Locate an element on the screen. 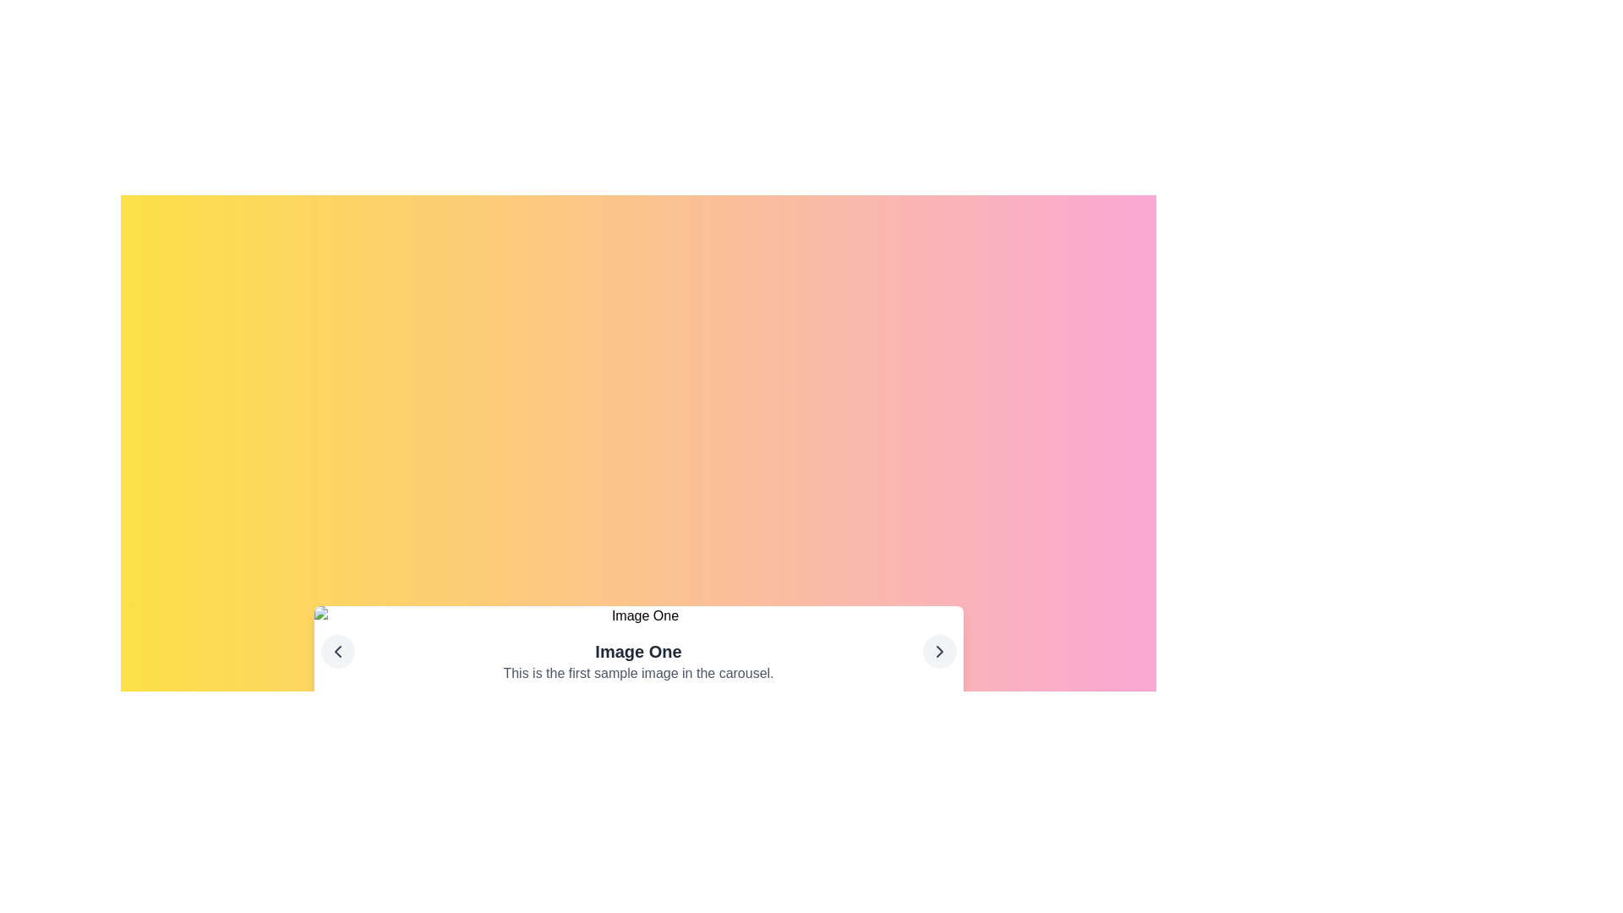 Image resolution: width=1623 pixels, height=913 pixels. the text label that serves as the title for the associated image or section in the carousel, which is centrally aligned and positioned at the top of the layout is located at coordinates (637, 651).